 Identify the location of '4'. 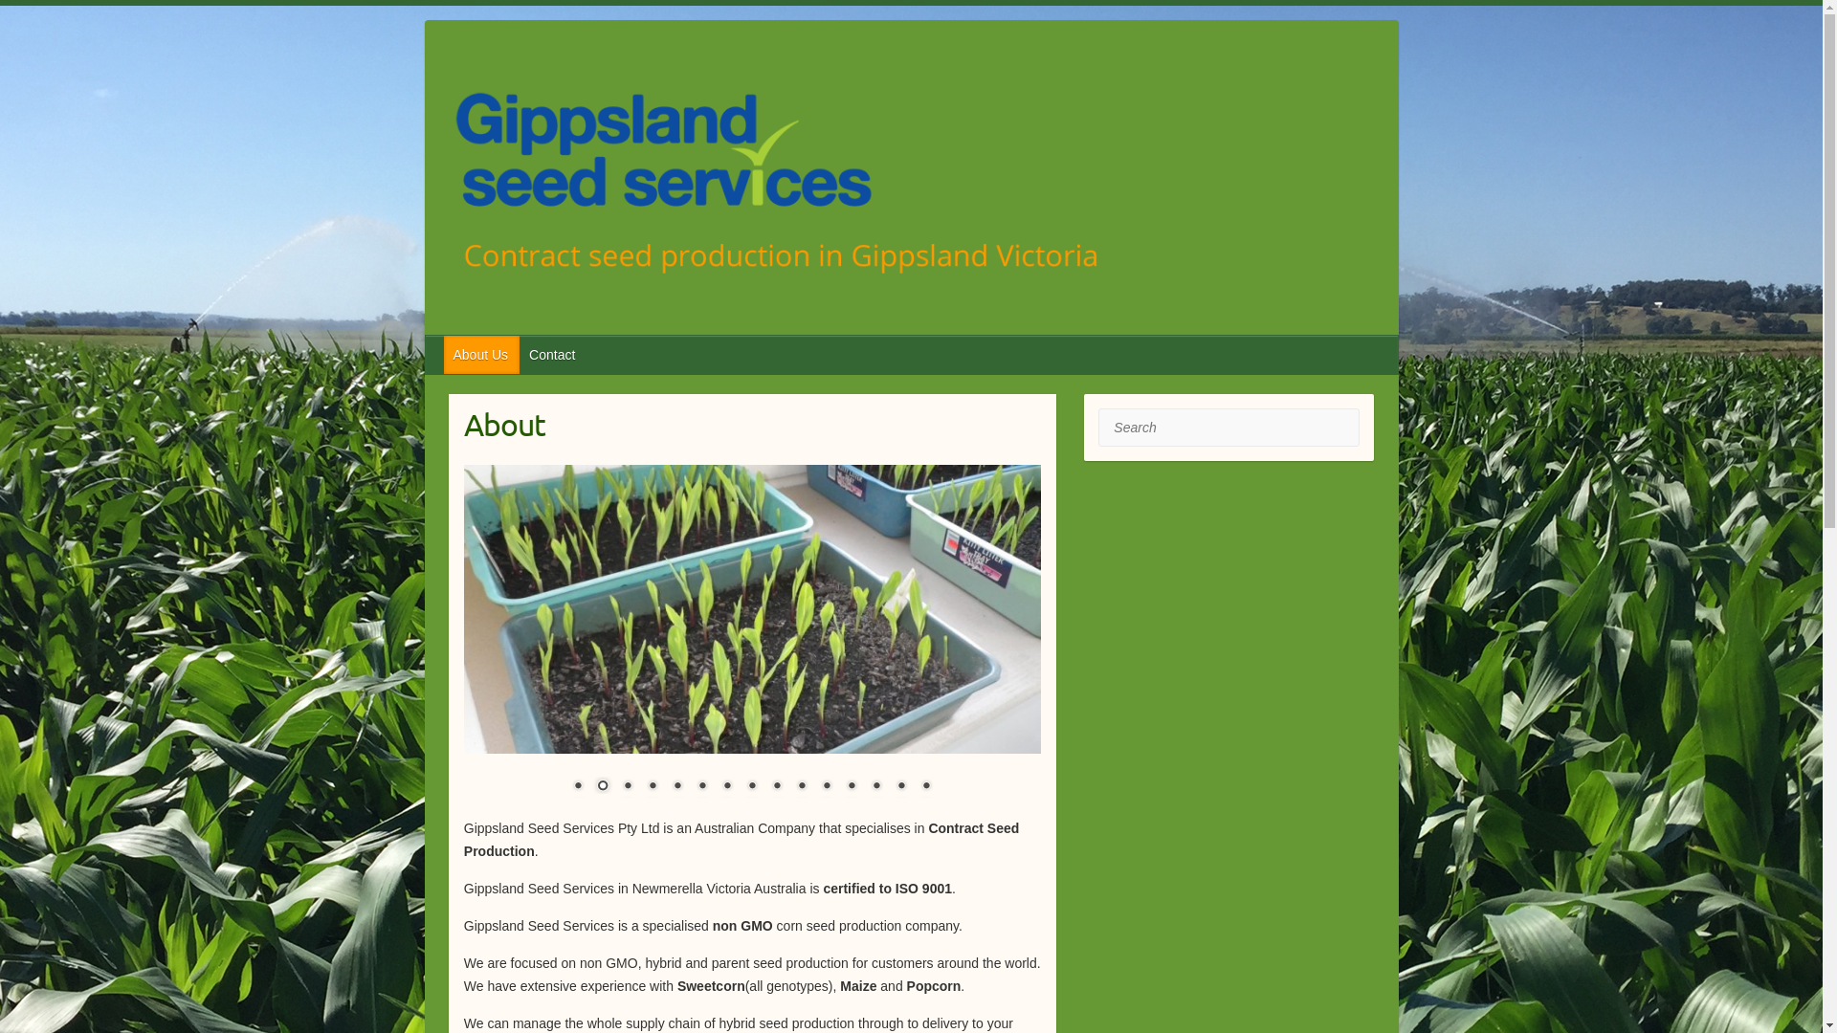
(652, 786).